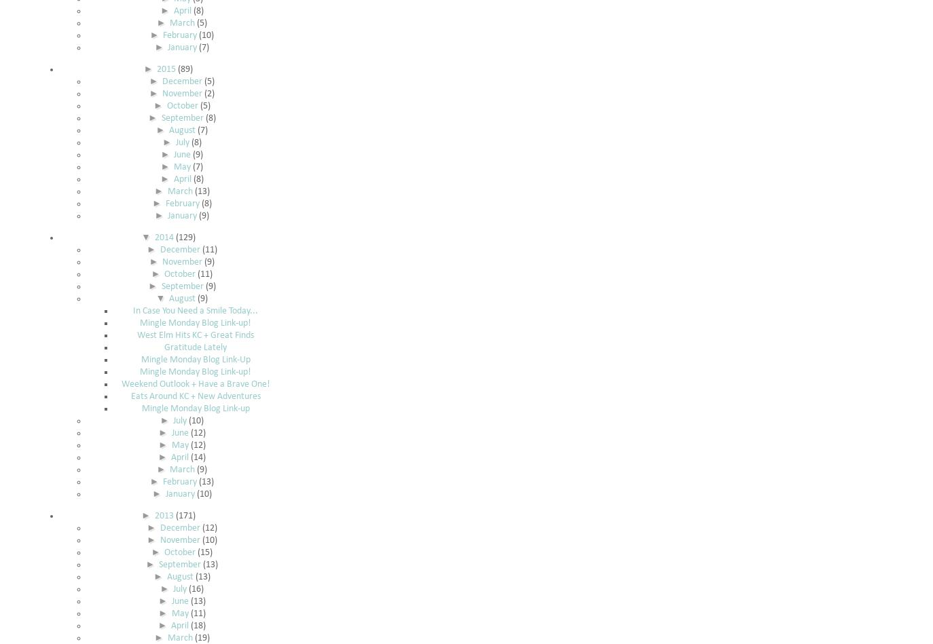 The height and width of the screenshot is (644, 933). Describe the element at coordinates (204, 552) in the screenshot. I see `'(15)'` at that location.